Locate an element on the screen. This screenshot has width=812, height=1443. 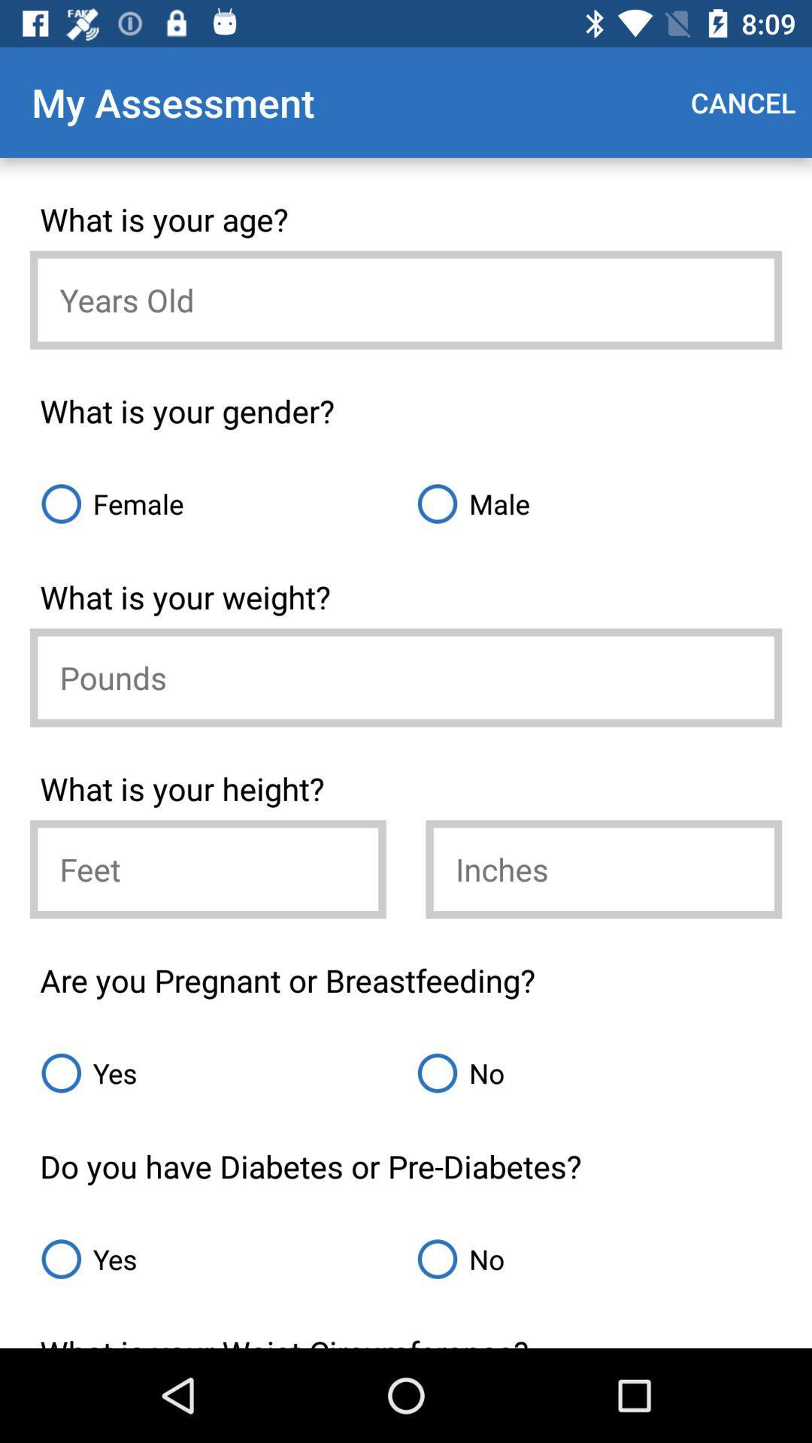
type inches is located at coordinates (603, 869).